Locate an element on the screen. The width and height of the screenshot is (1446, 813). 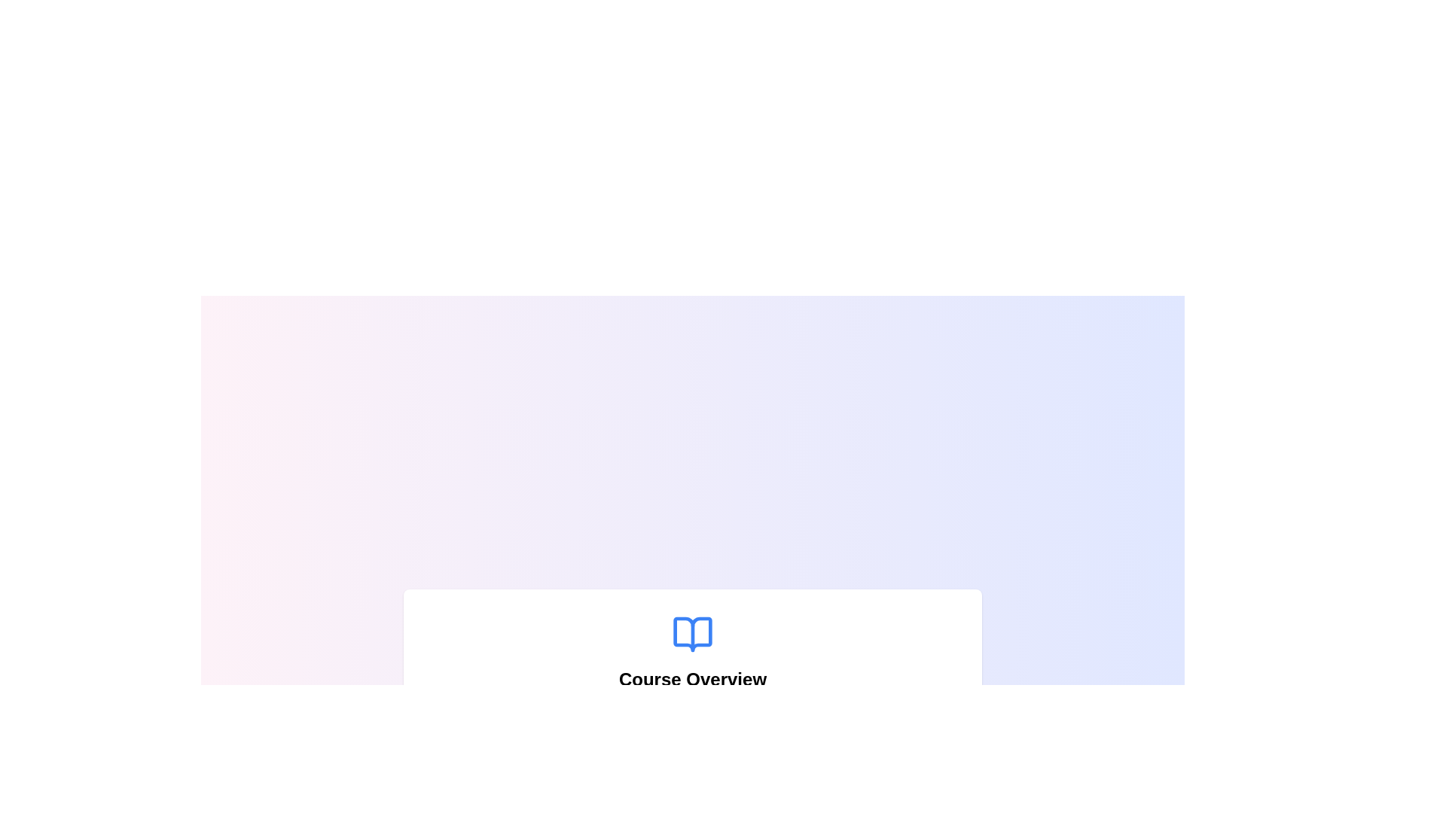
the first navigation indicator dot located centrally below the 'Course Overview' area is located at coordinates (677, 786).